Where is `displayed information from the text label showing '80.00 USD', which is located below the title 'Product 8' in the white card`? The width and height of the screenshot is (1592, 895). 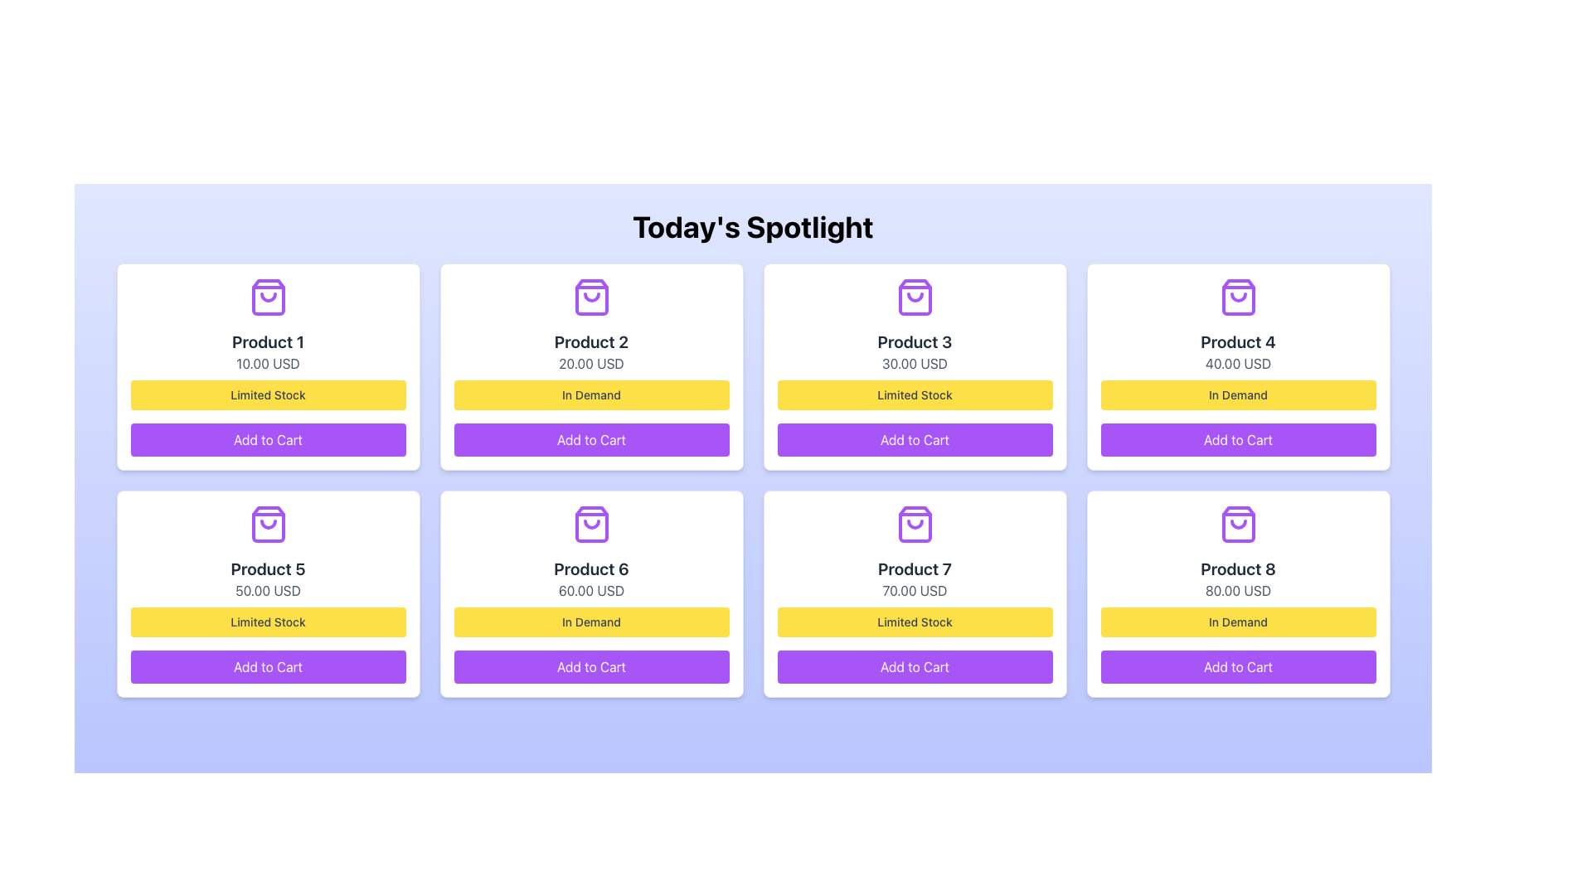 displayed information from the text label showing '80.00 USD', which is located below the title 'Product 8' in the white card is located at coordinates (1238, 590).